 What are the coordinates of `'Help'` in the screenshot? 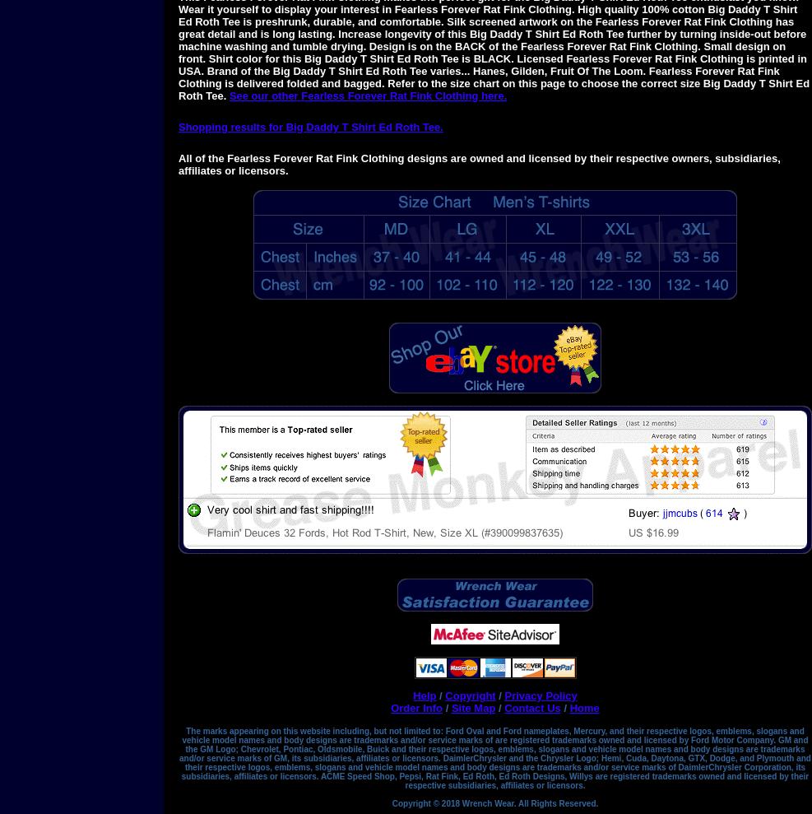 It's located at (425, 695).